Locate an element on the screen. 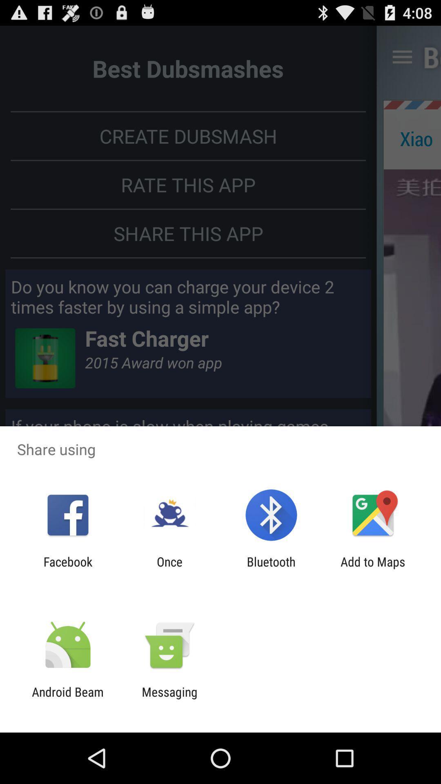  the app to the right of the bluetooth is located at coordinates (373, 568).